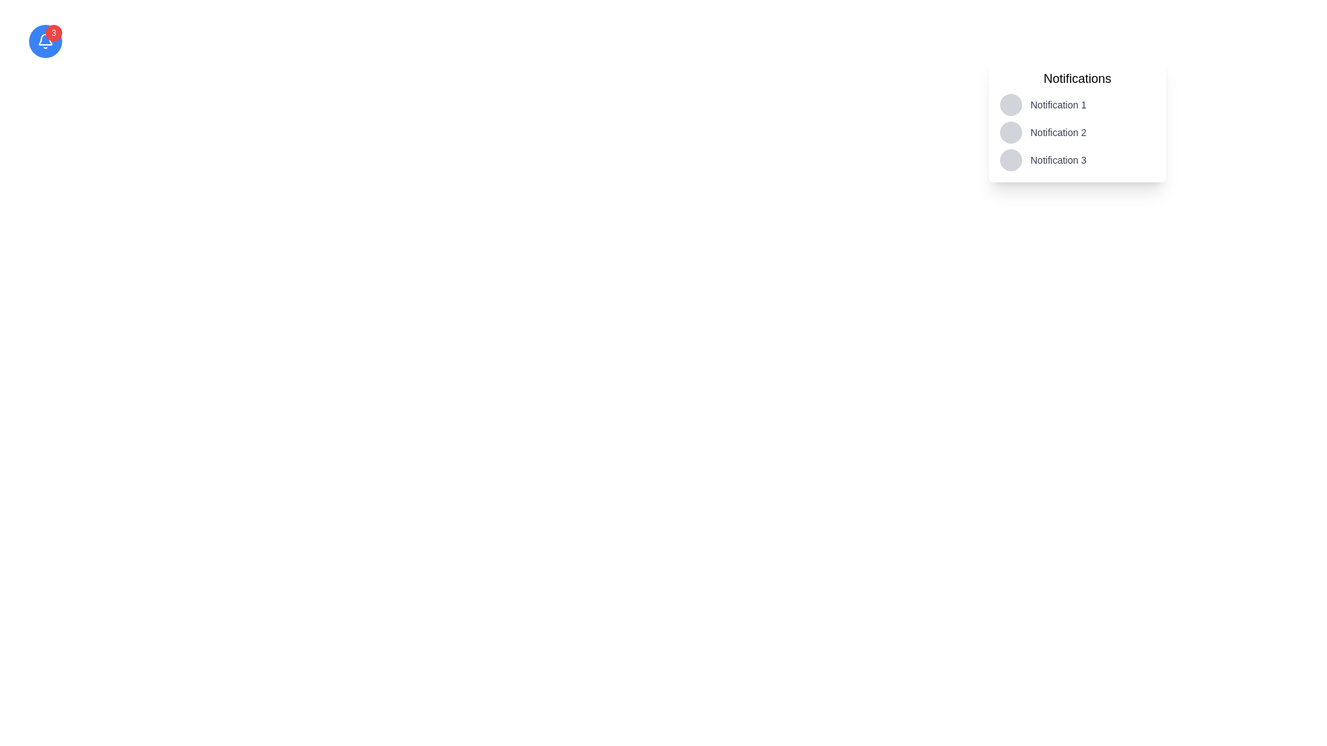 Image resolution: width=1327 pixels, height=746 pixels. I want to click on the decorative item located to the left of 'Notification 2' in the second notification section of the vertical list, so click(1011, 133).